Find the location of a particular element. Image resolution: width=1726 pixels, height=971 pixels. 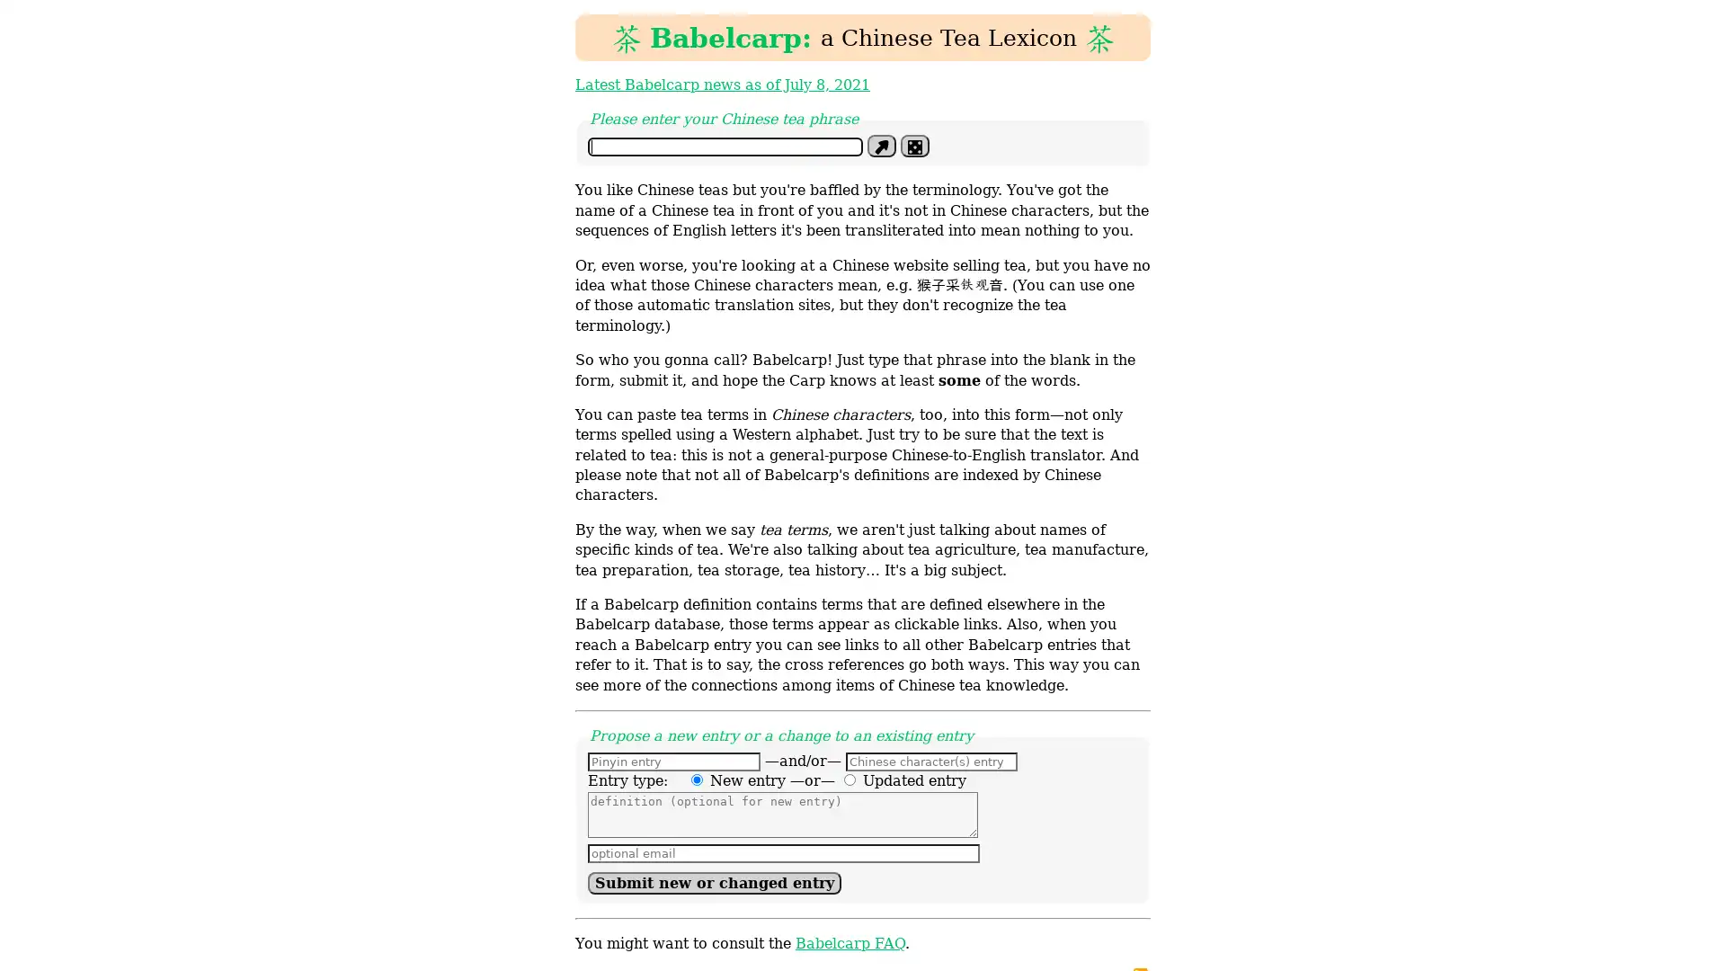

Define phrase is located at coordinates (881, 145).